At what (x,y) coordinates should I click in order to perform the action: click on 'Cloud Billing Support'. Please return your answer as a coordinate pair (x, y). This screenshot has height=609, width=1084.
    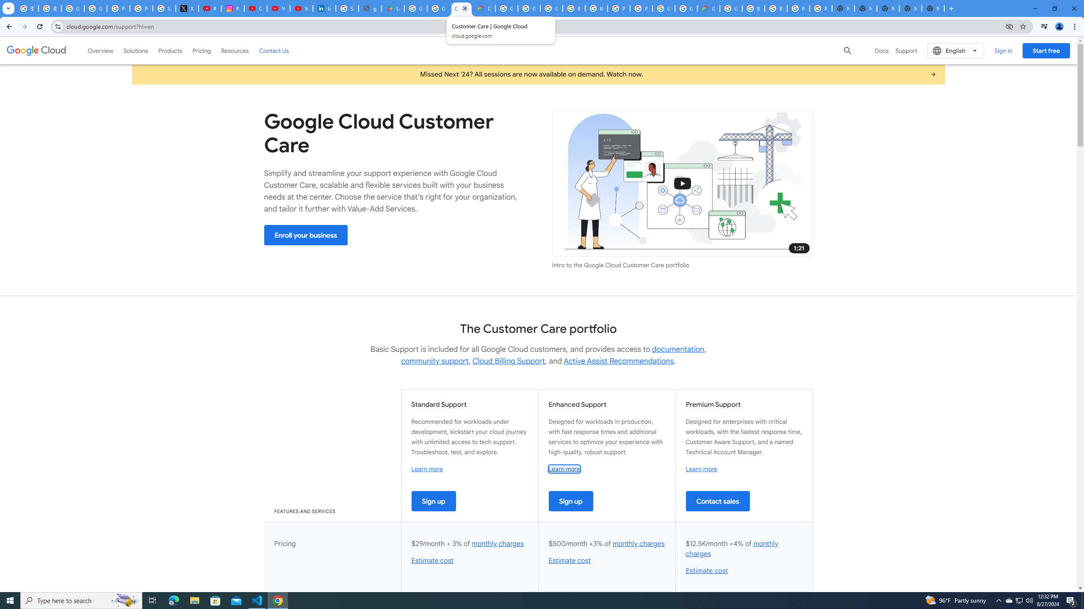
    Looking at the image, I should click on (508, 361).